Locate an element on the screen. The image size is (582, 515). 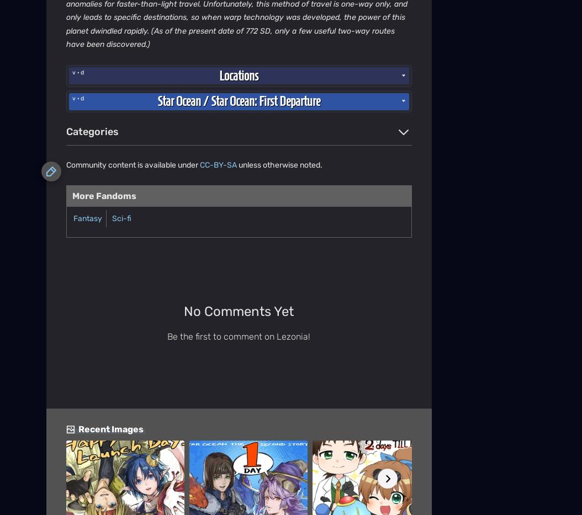
'Star Ocean Wiki is a FANDOM Games Community.' is located at coordinates (239, 323).